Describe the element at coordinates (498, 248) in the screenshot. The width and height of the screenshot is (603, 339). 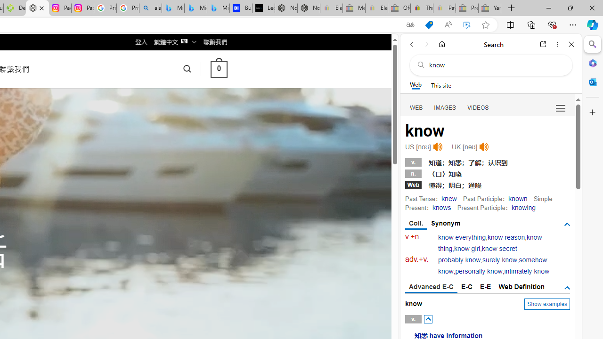
I see `'know secret'` at that location.